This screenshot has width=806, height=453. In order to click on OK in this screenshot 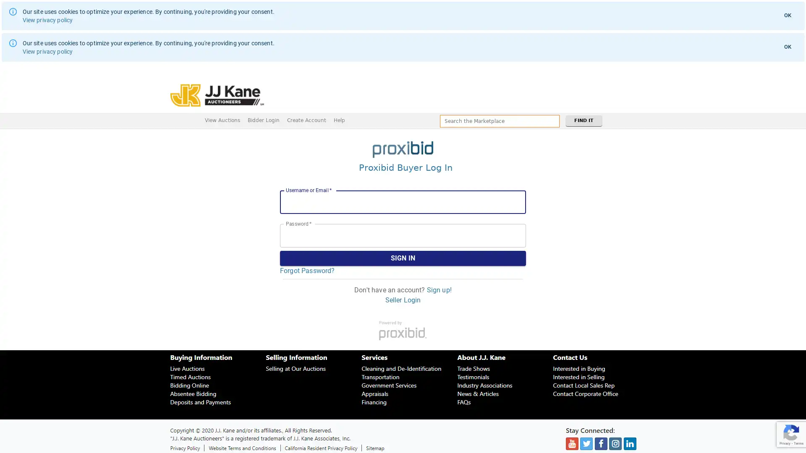, I will do `click(787, 47)`.